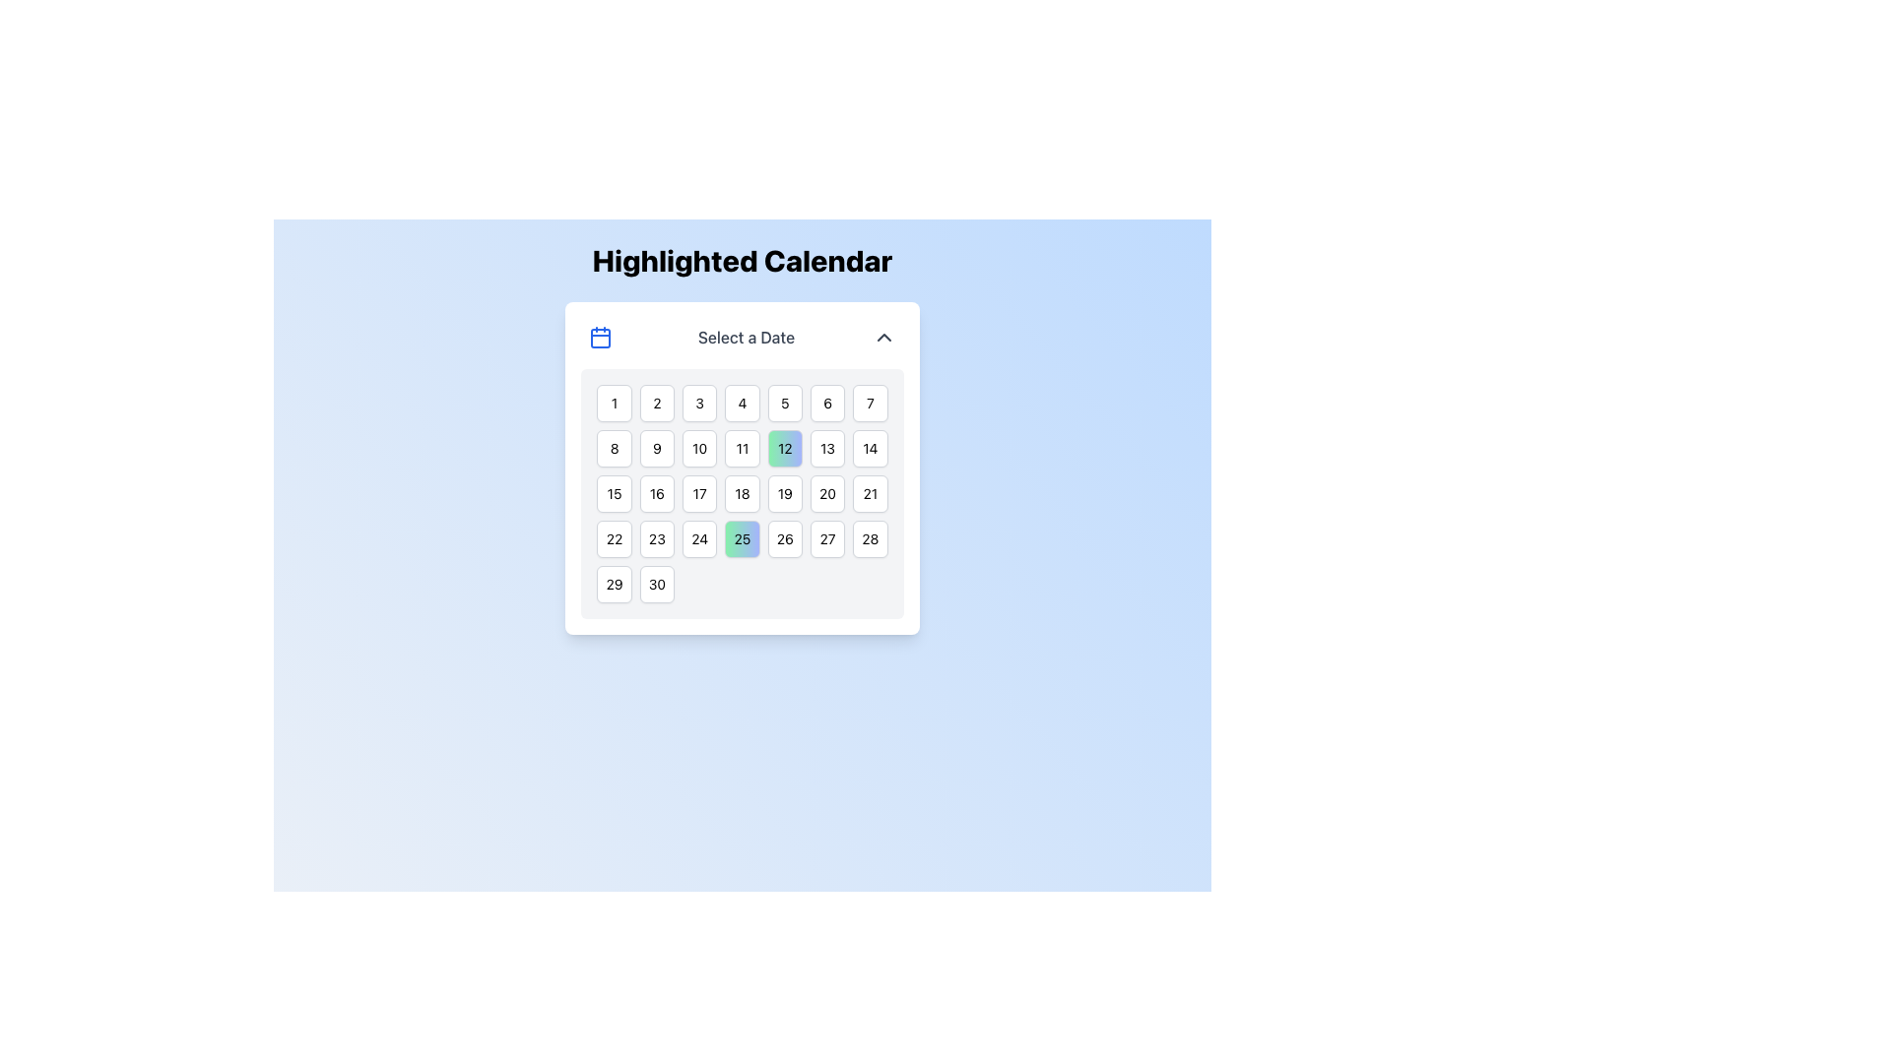  Describe the element at coordinates (741, 492) in the screenshot. I see `the button corresponding to the date '18' in the calendar` at that location.